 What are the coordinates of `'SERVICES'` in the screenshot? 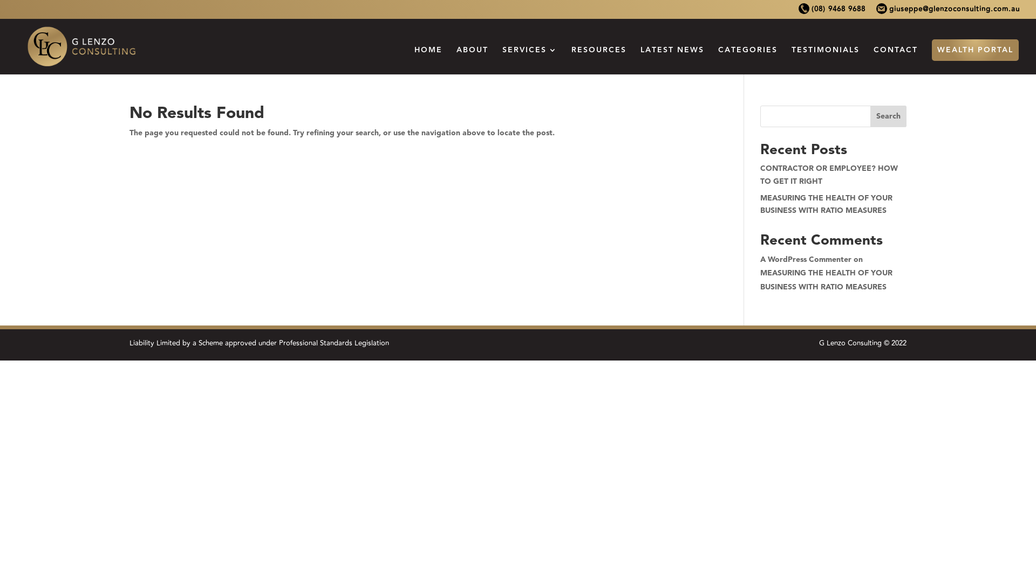 It's located at (502, 60).